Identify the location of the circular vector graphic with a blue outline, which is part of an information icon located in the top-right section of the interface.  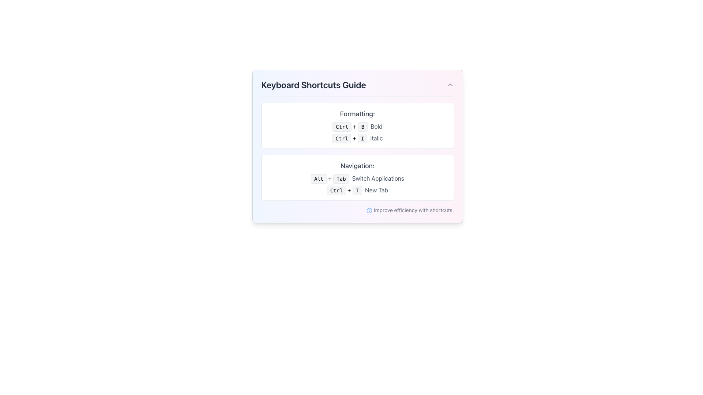
(369, 211).